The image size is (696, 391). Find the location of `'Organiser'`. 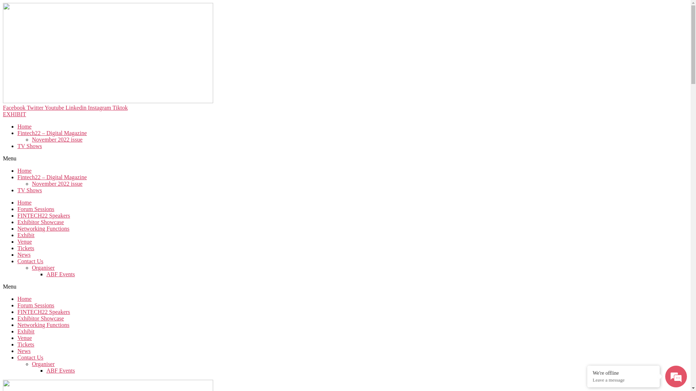

'Organiser' is located at coordinates (43, 268).